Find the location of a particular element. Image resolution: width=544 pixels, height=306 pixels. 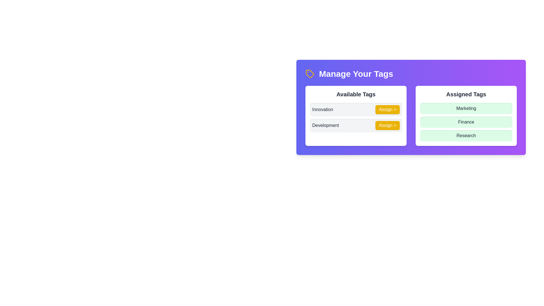

the decorative tag icon located to the left of the text 'Manage Your Tags' in the header section is located at coordinates (310, 74).